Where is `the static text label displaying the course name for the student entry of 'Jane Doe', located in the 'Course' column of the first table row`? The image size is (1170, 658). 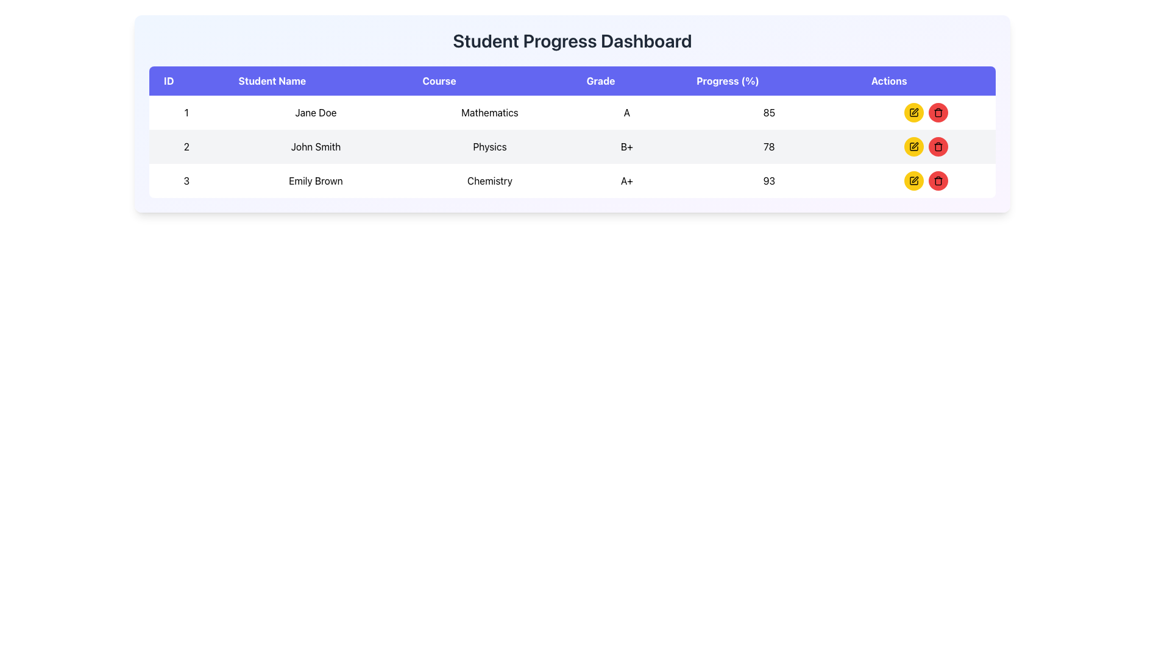 the static text label displaying the course name for the student entry of 'Jane Doe', located in the 'Course' column of the first table row is located at coordinates (490, 113).